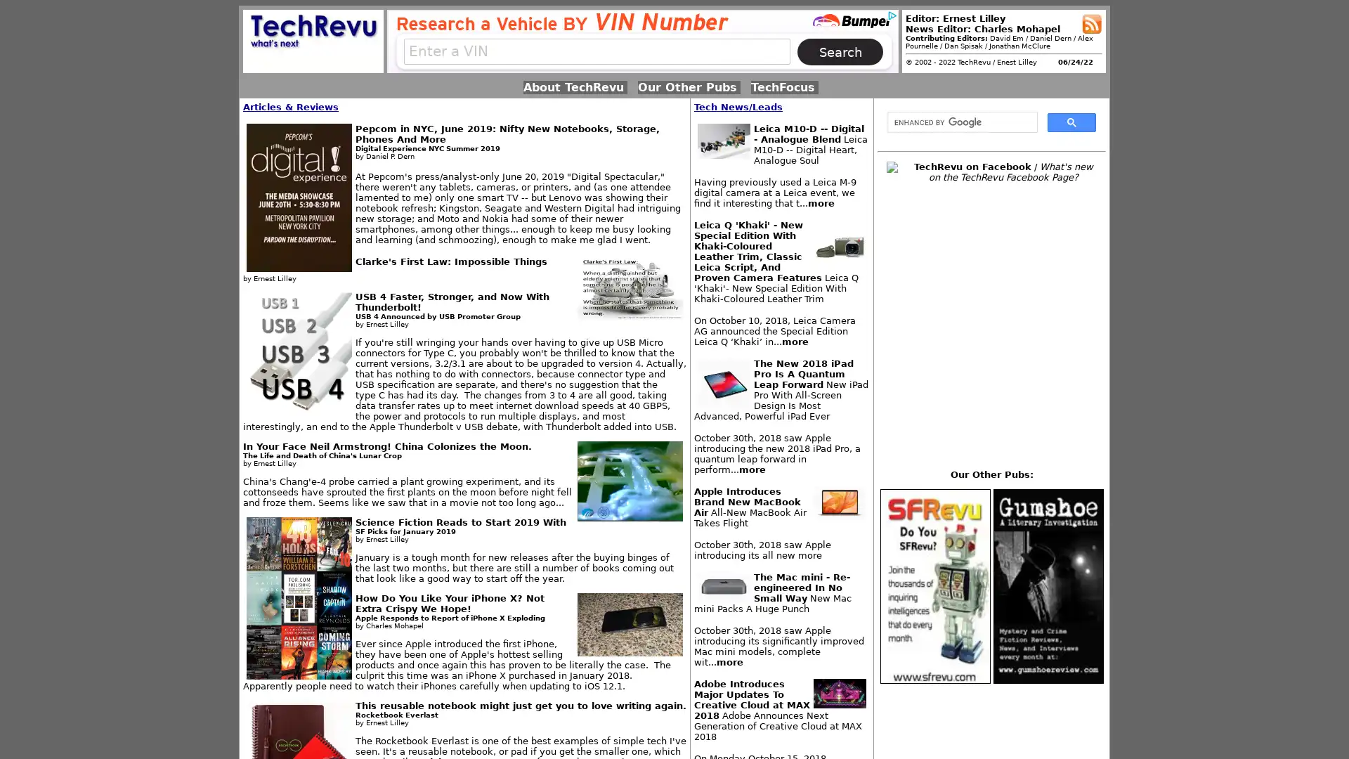  Describe the element at coordinates (1071, 121) in the screenshot. I see `search` at that location.